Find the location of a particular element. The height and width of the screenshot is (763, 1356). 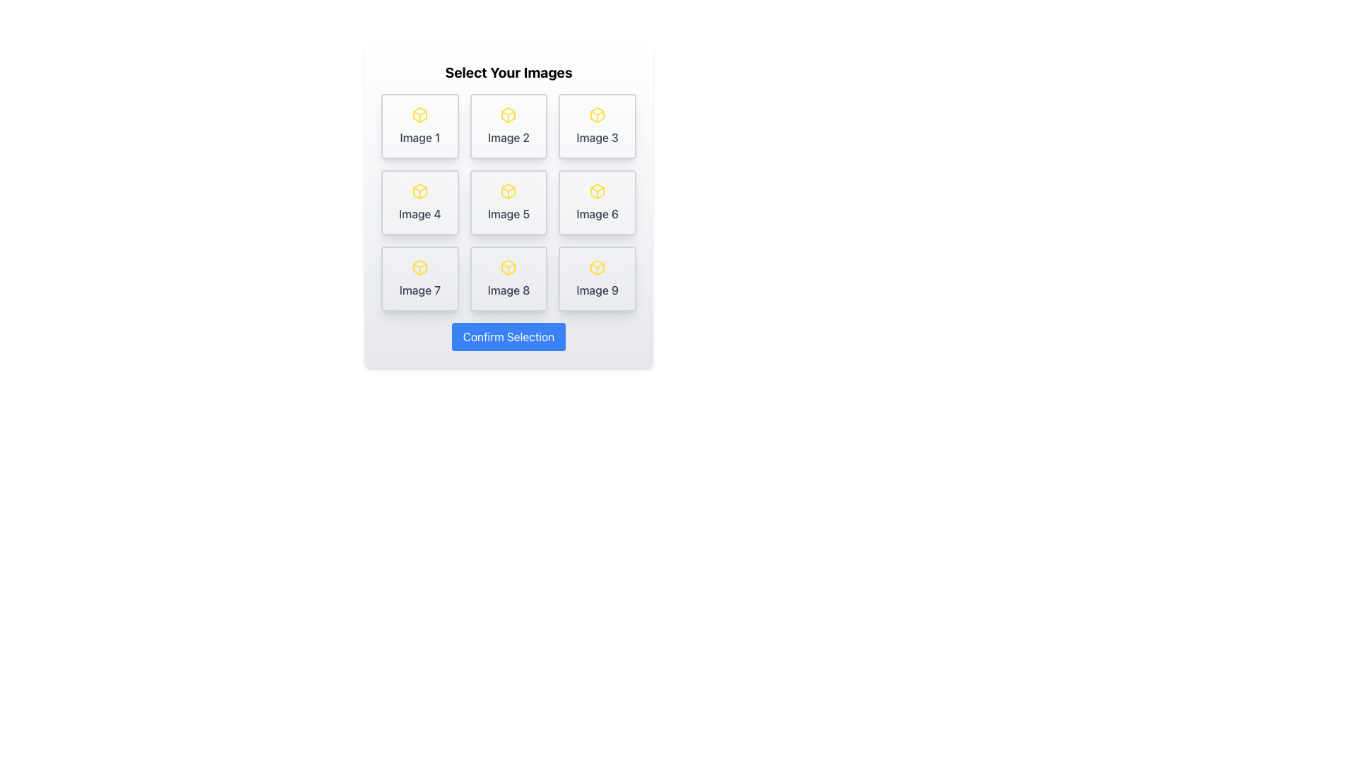

the selectable item representing 'Image 5' in the center of a 3x3 grid layout is located at coordinates (509, 202).